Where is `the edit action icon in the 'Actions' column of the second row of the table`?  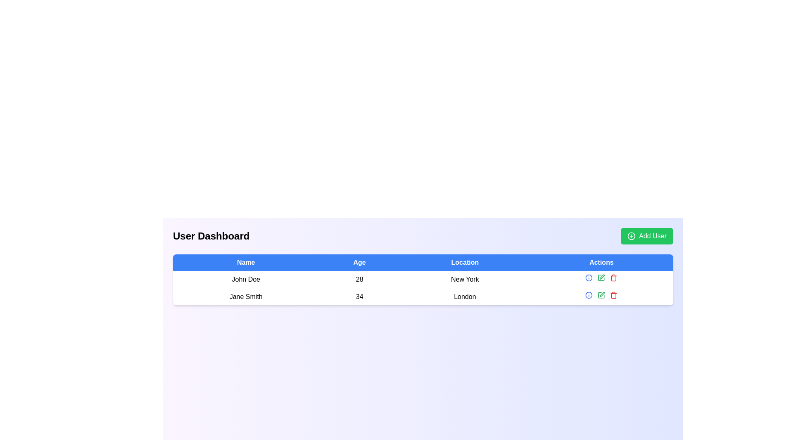
the edit action icon in the 'Actions' column of the second row of the table is located at coordinates (601, 278).